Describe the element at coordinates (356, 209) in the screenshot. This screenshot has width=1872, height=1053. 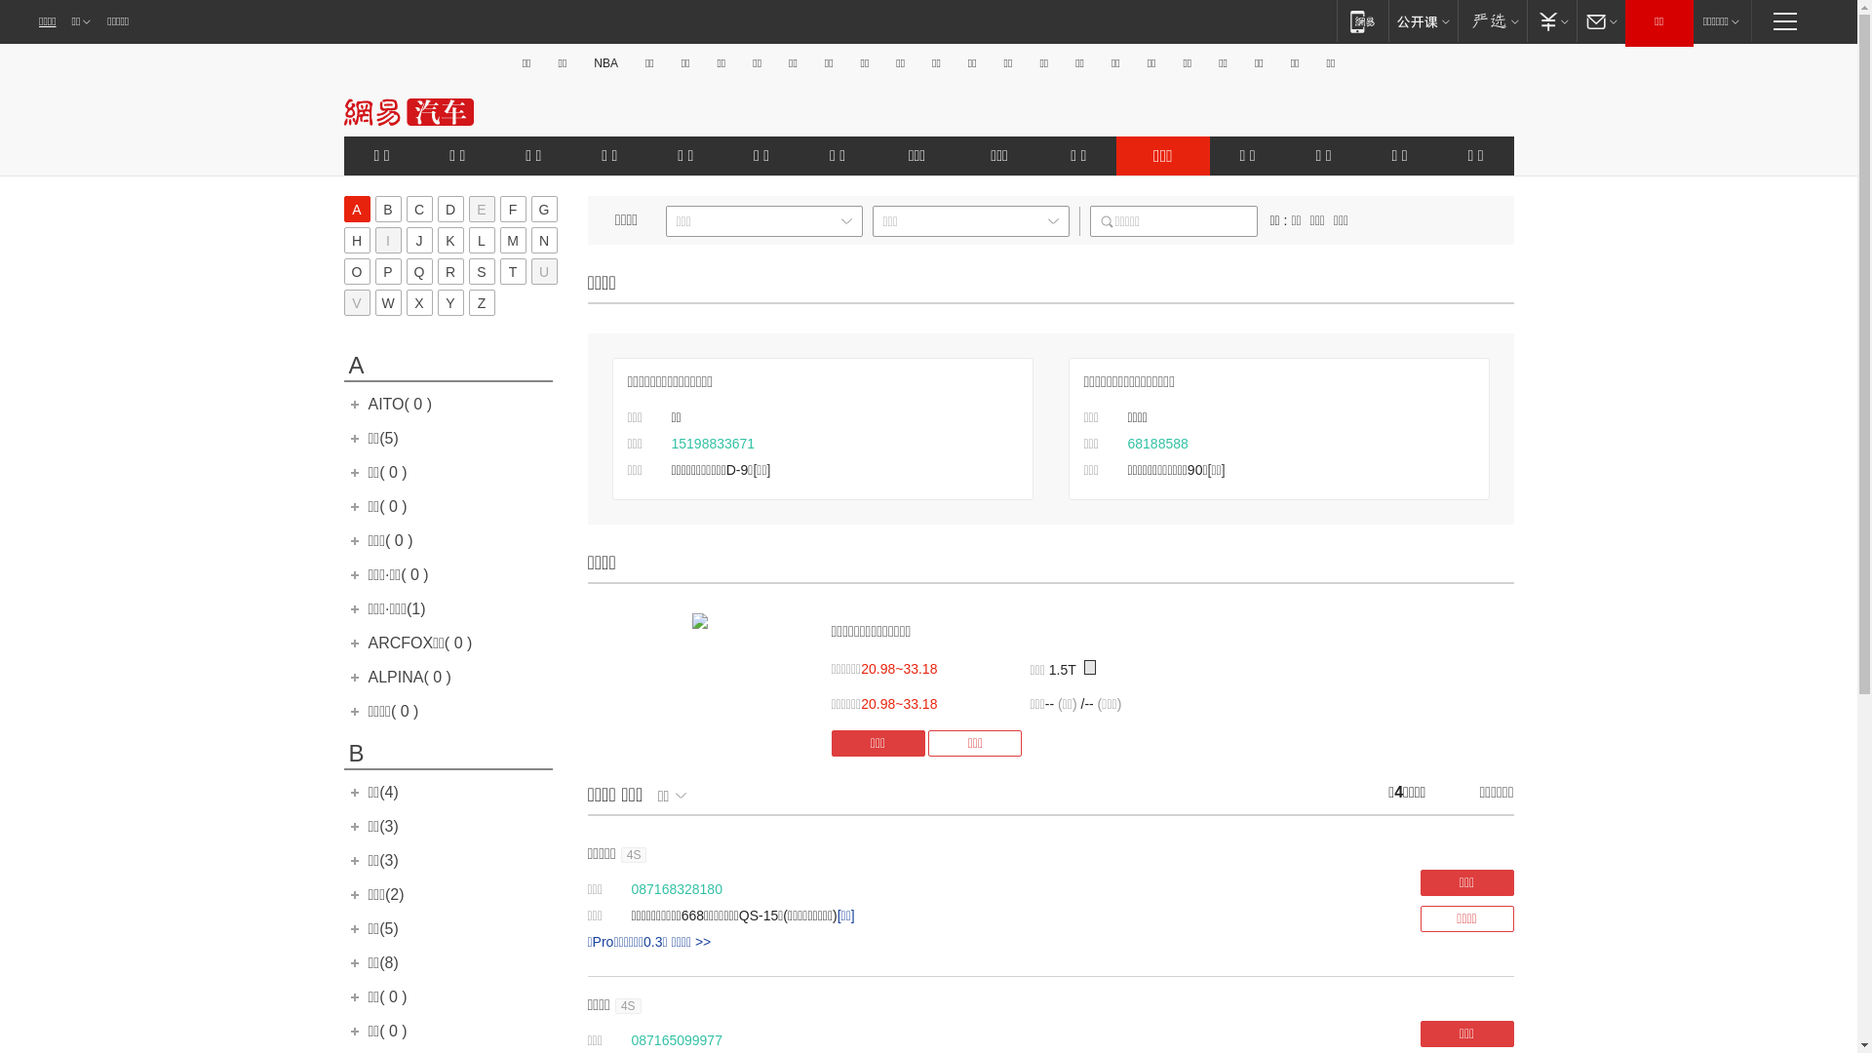
I see `'A'` at that location.